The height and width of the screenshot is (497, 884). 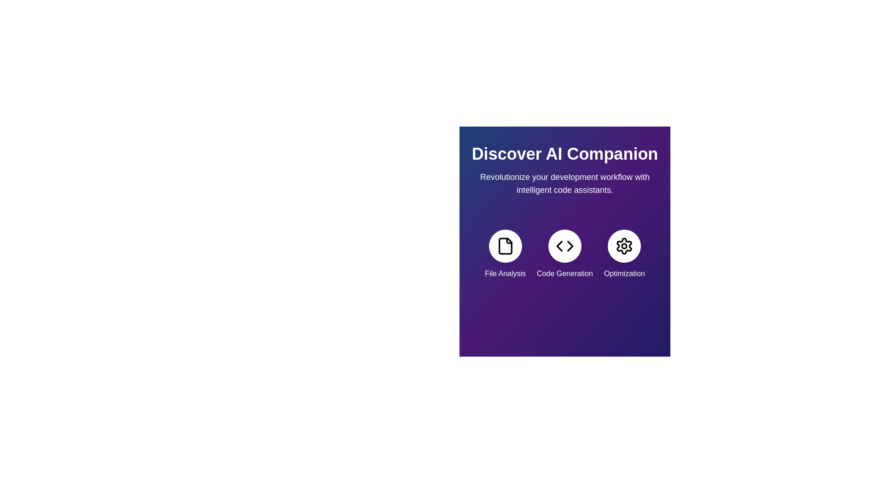 What do you see at coordinates (624, 273) in the screenshot?
I see `the text label displaying 'Optimization' in white font, located at the bottom of a vertical stack, below a gear-shaped icon, and adjacent to similar text-label pairs` at bounding box center [624, 273].